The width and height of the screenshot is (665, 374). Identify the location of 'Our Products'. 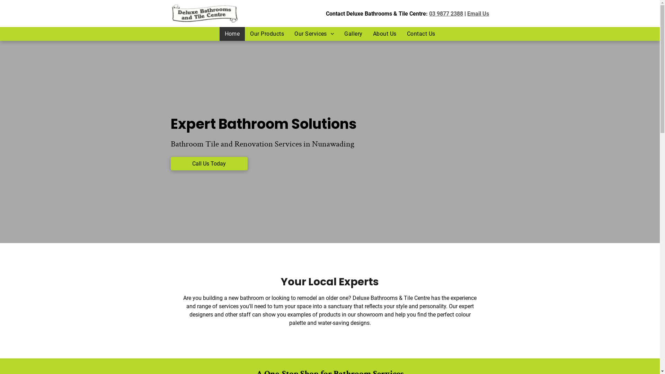
(267, 34).